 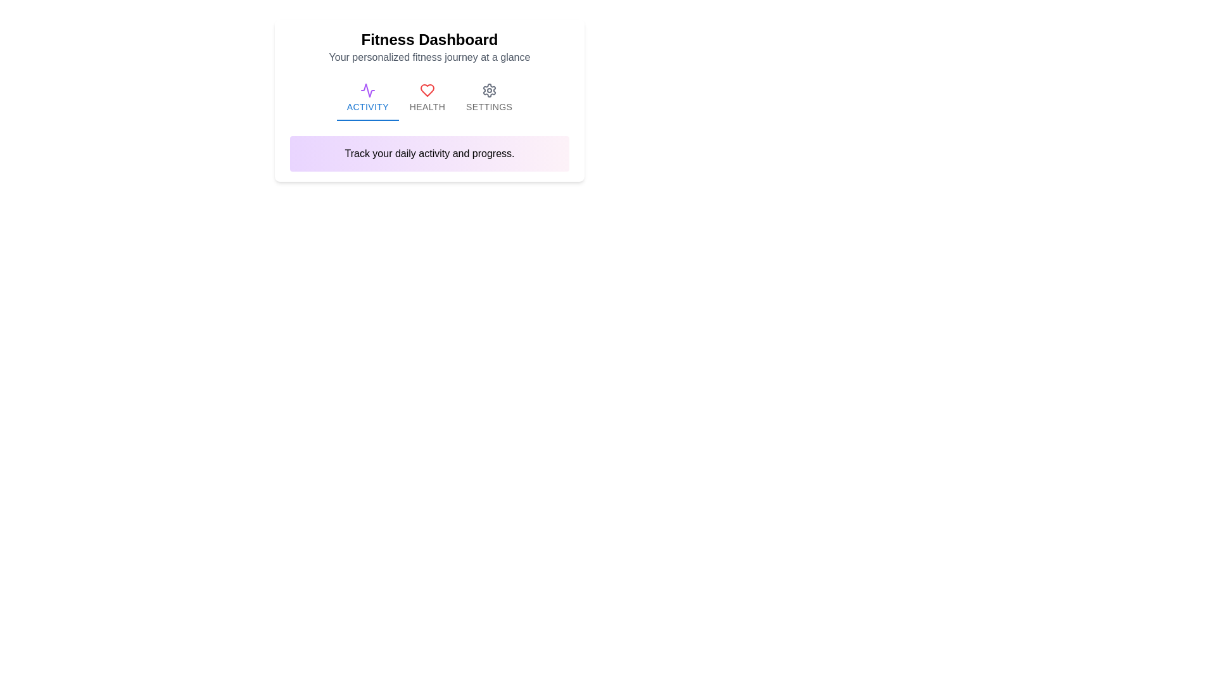 I want to click on the Tab button labeled 'Settings', so click(x=488, y=97).